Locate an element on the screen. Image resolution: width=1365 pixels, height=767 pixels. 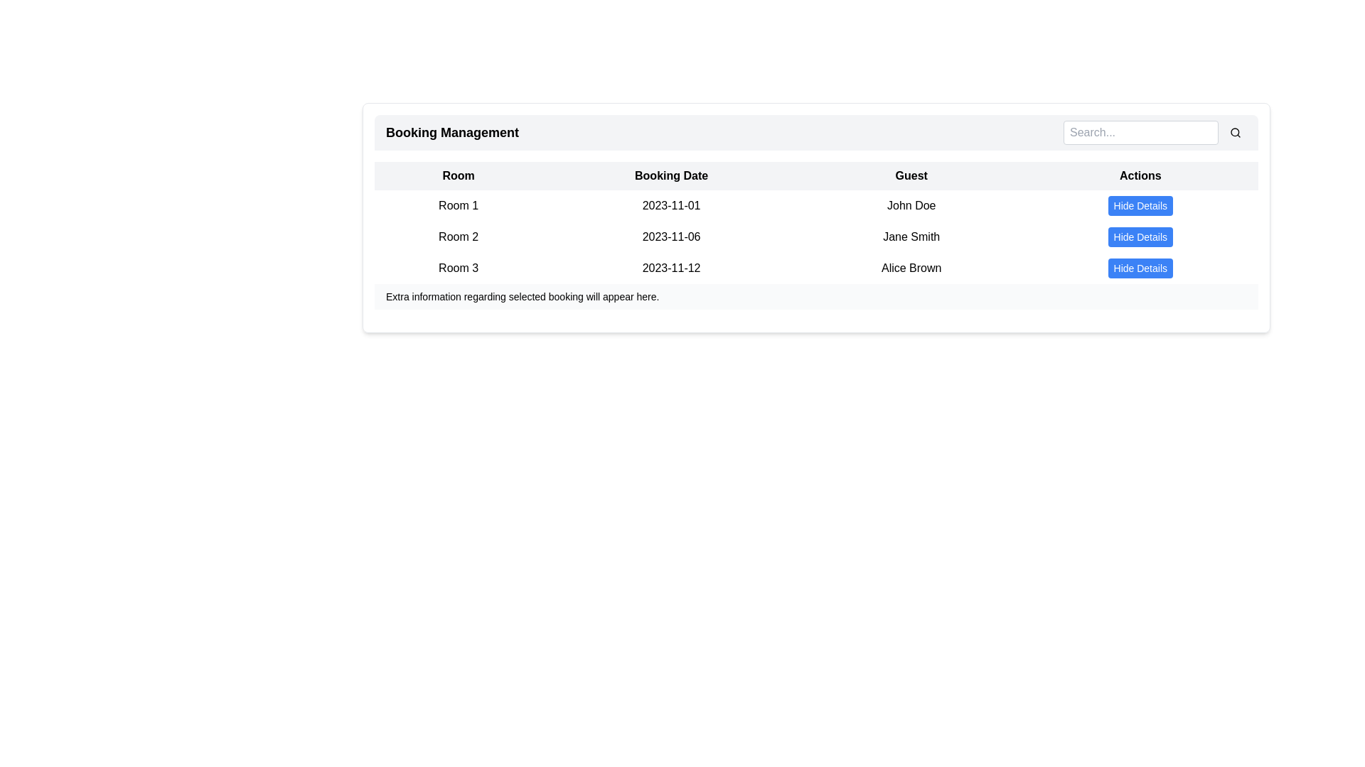
the button in the last column of the first row under the 'Actions' header is located at coordinates (1140, 205).